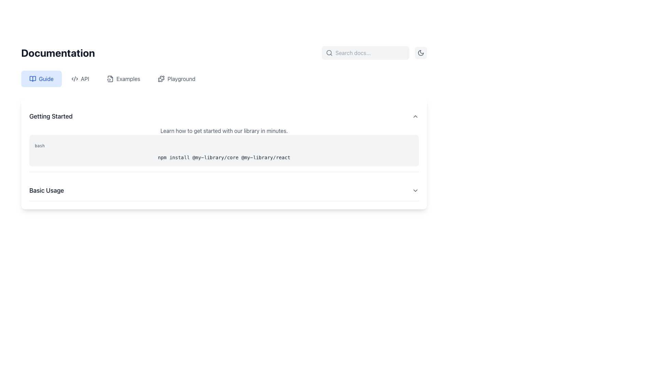  What do you see at coordinates (224, 191) in the screenshot?
I see `the Dropdown Trigger for 'Basic Usage' located in the fourth position under the 'Getting Started' category` at bounding box center [224, 191].